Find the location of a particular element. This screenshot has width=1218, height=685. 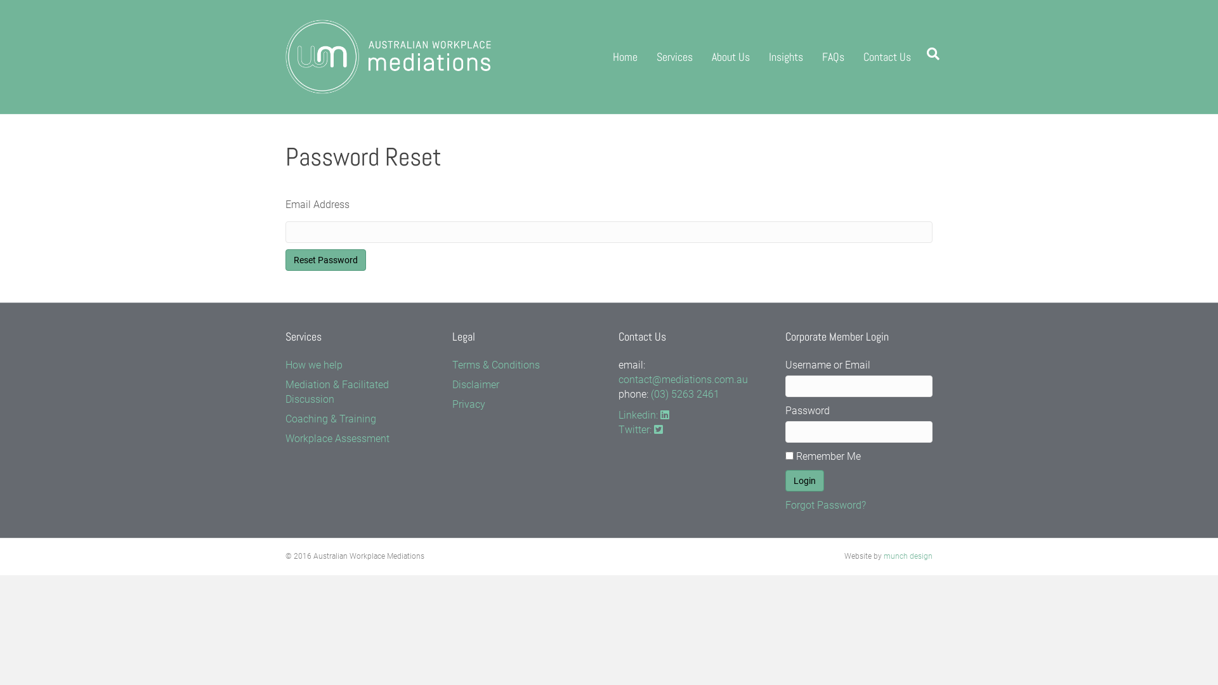

'Linkedin:' is located at coordinates (618, 415).